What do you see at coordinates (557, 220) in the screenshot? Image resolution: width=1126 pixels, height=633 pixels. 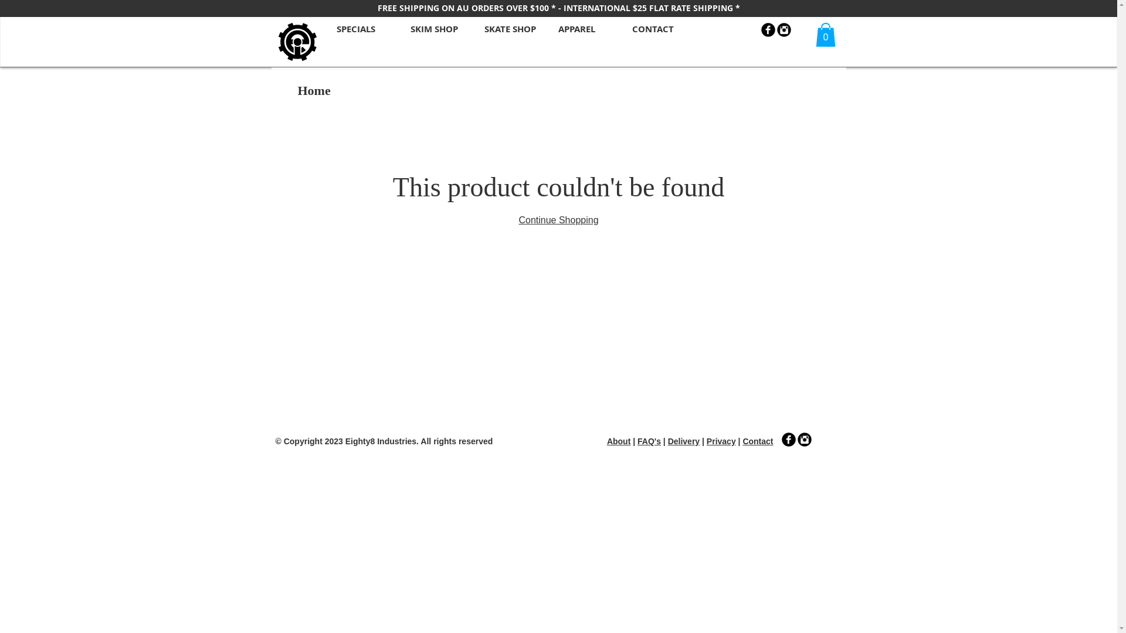 I see `'Continue Shopping'` at bounding box center [557, 220].